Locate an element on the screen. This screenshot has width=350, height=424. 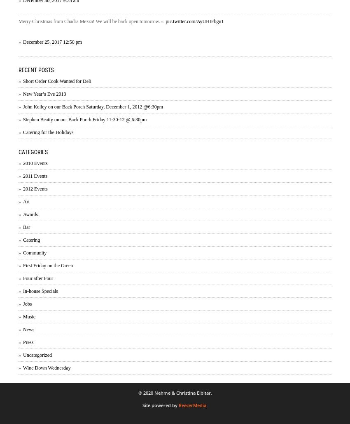
'December 25, 2017 12:50 pm' is located at coordinates (51, 41).